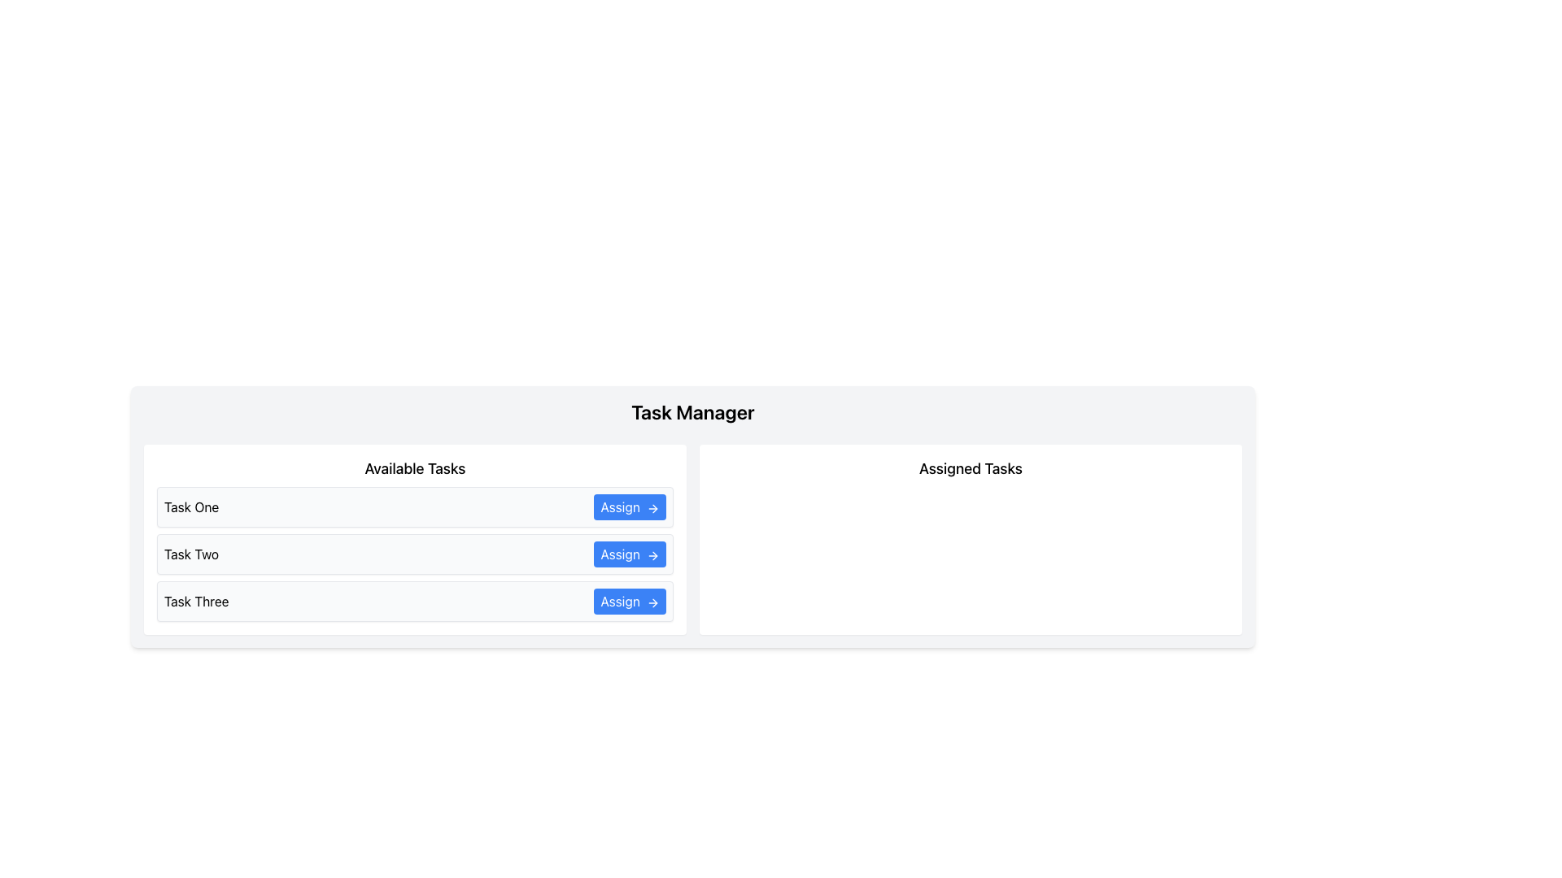  I want to click on the blue 'Assign' button with white text and a right arrow icon located in the 'Available Tasks' section under the 'Task Manager' header to assign the task, so click(629, 506).